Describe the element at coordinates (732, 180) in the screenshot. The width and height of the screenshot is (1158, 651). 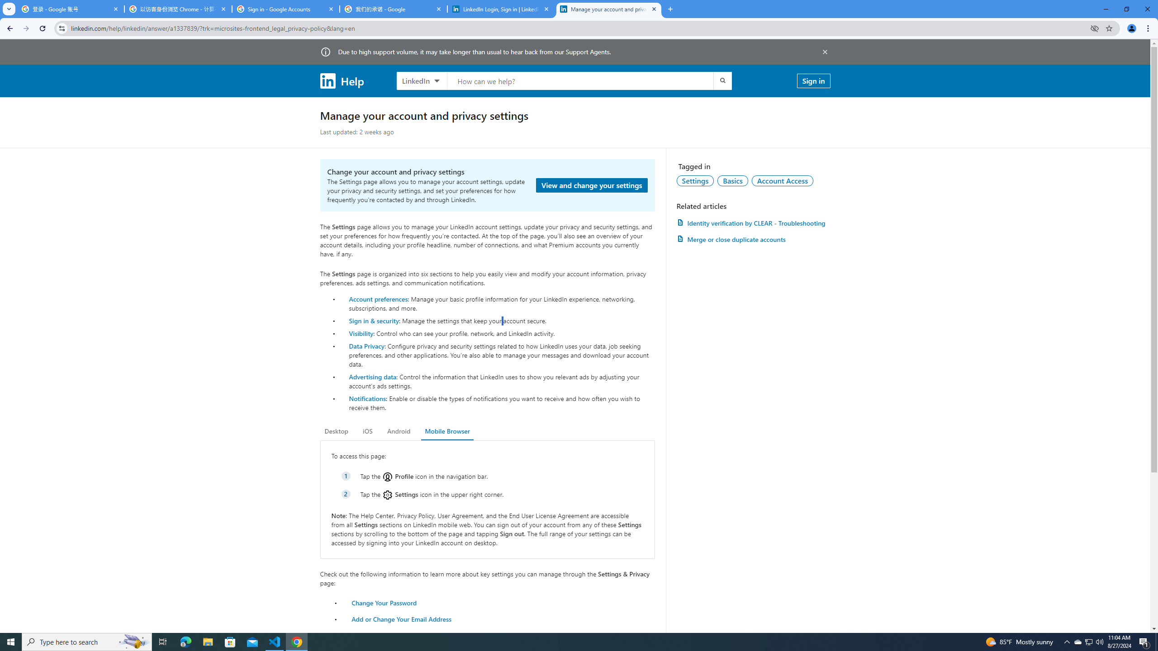
I see `'Basics'` at that location.